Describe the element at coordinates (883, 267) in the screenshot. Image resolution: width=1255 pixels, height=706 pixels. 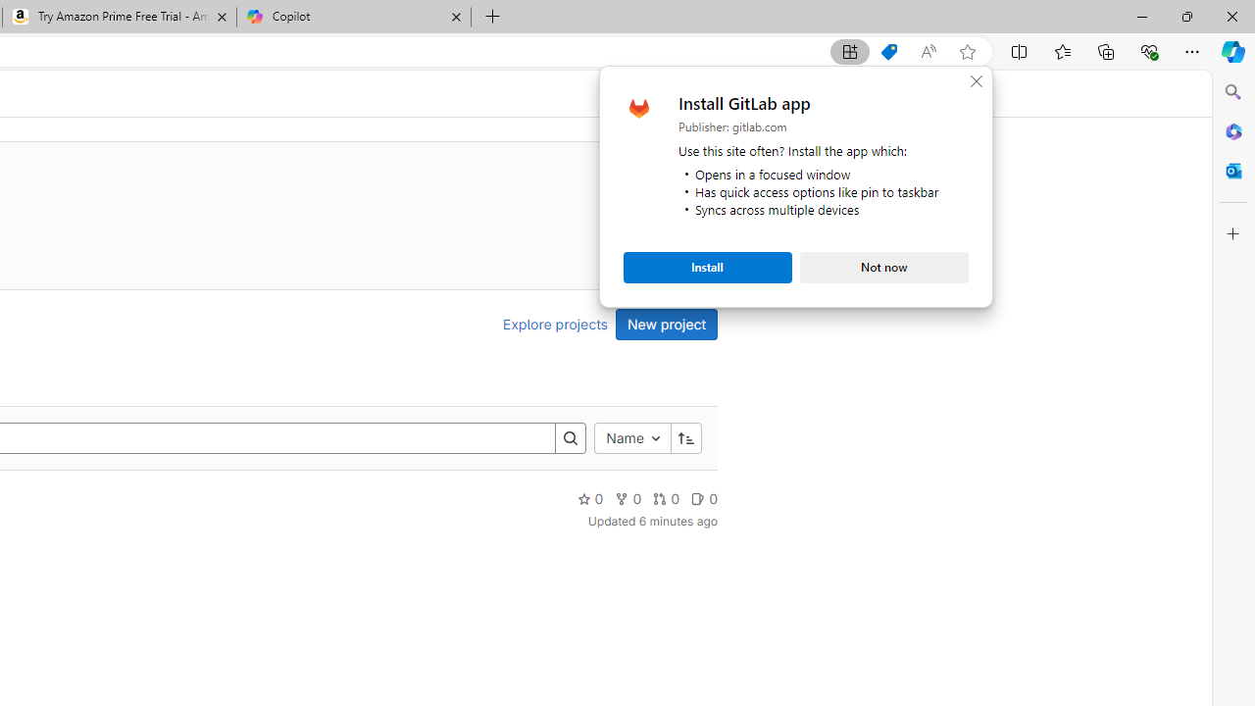
I see `'Not now'` at that location.